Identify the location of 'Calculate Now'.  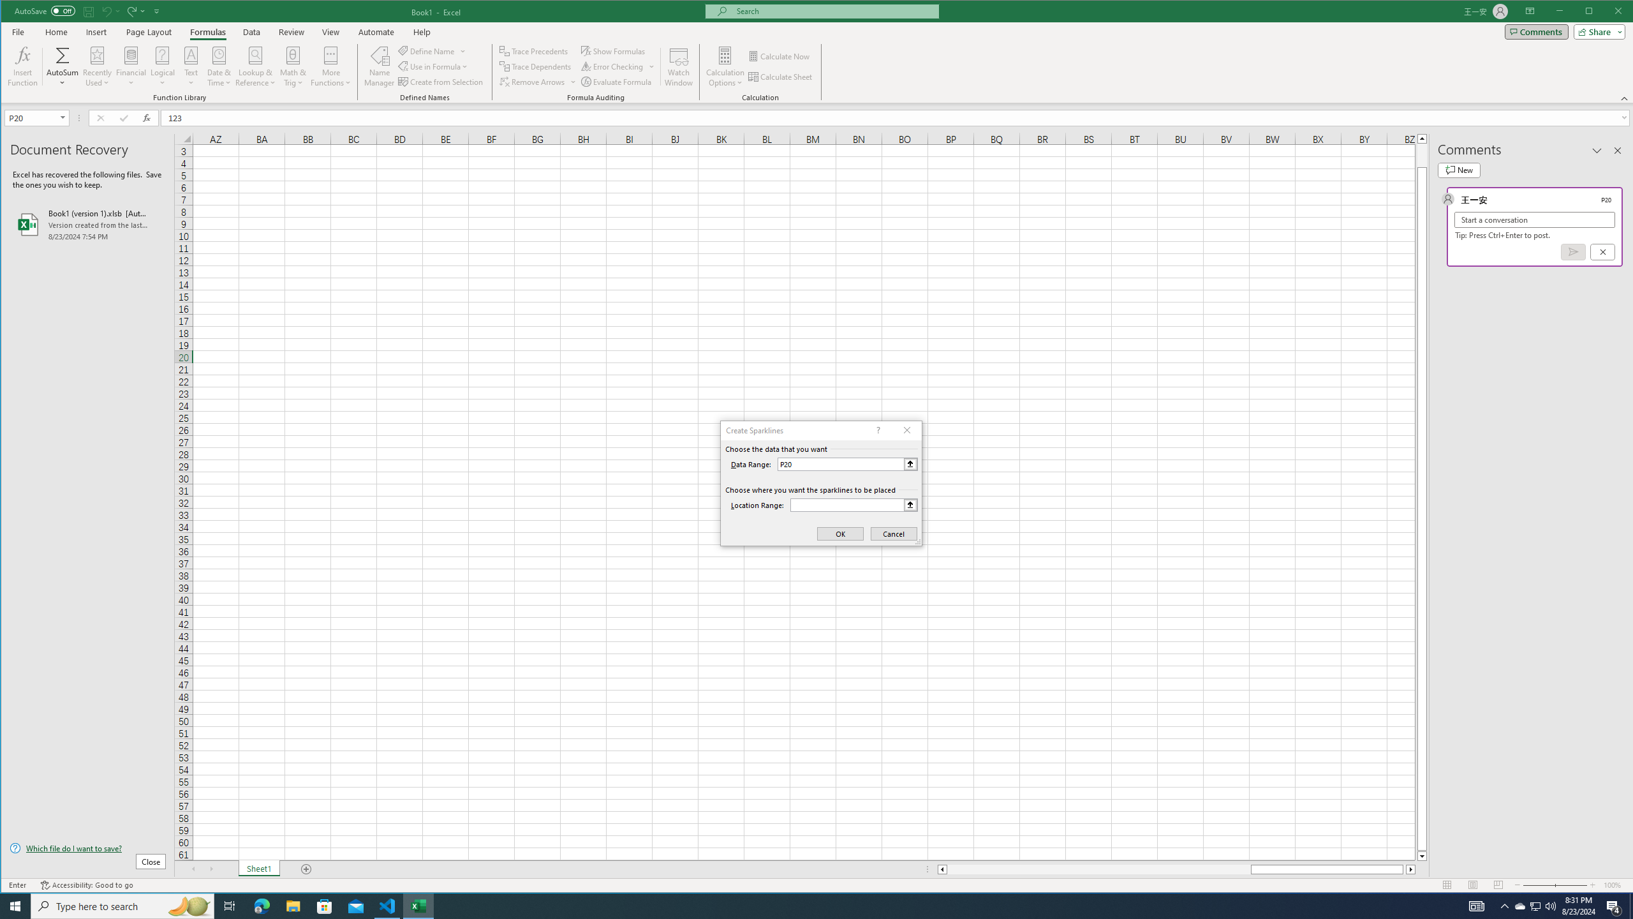
(780, 56).